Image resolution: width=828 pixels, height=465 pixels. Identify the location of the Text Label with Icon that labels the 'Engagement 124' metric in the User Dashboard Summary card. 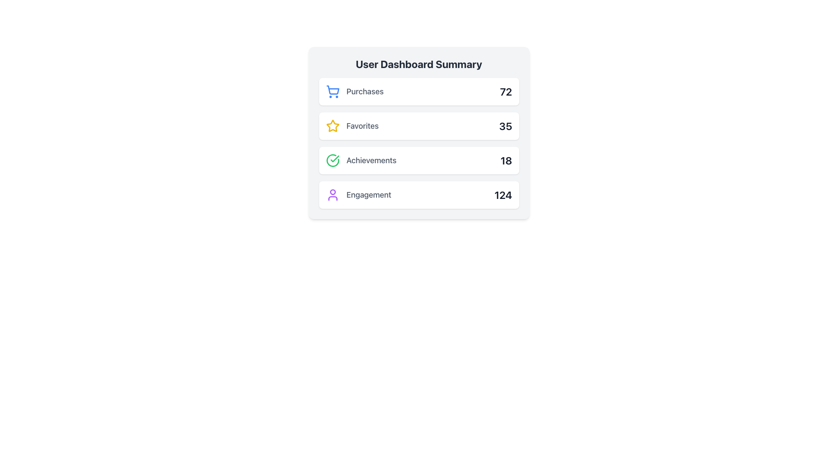
(358, 195).